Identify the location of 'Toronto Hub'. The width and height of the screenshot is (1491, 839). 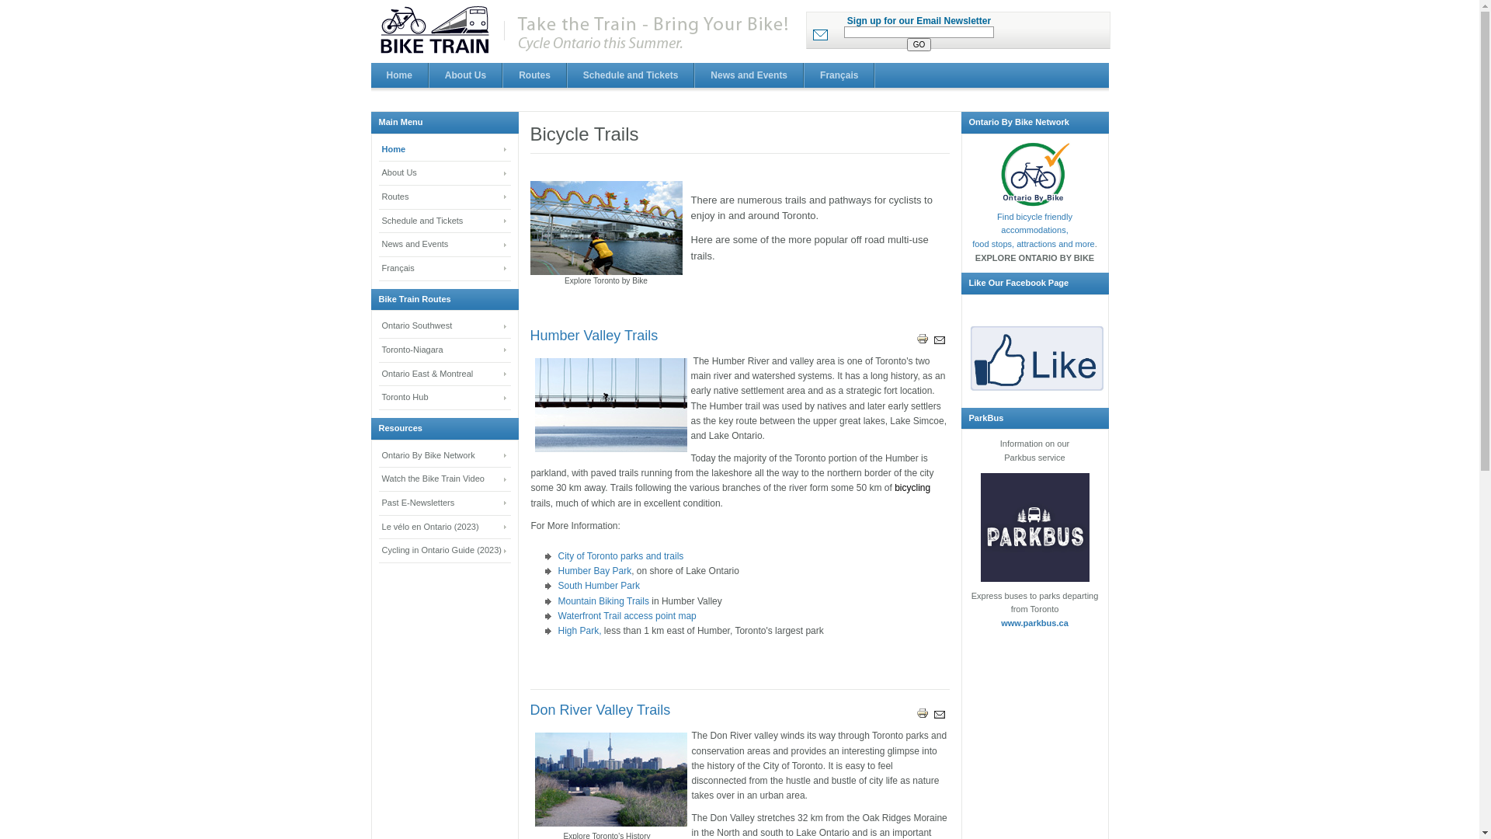
(379, 397).